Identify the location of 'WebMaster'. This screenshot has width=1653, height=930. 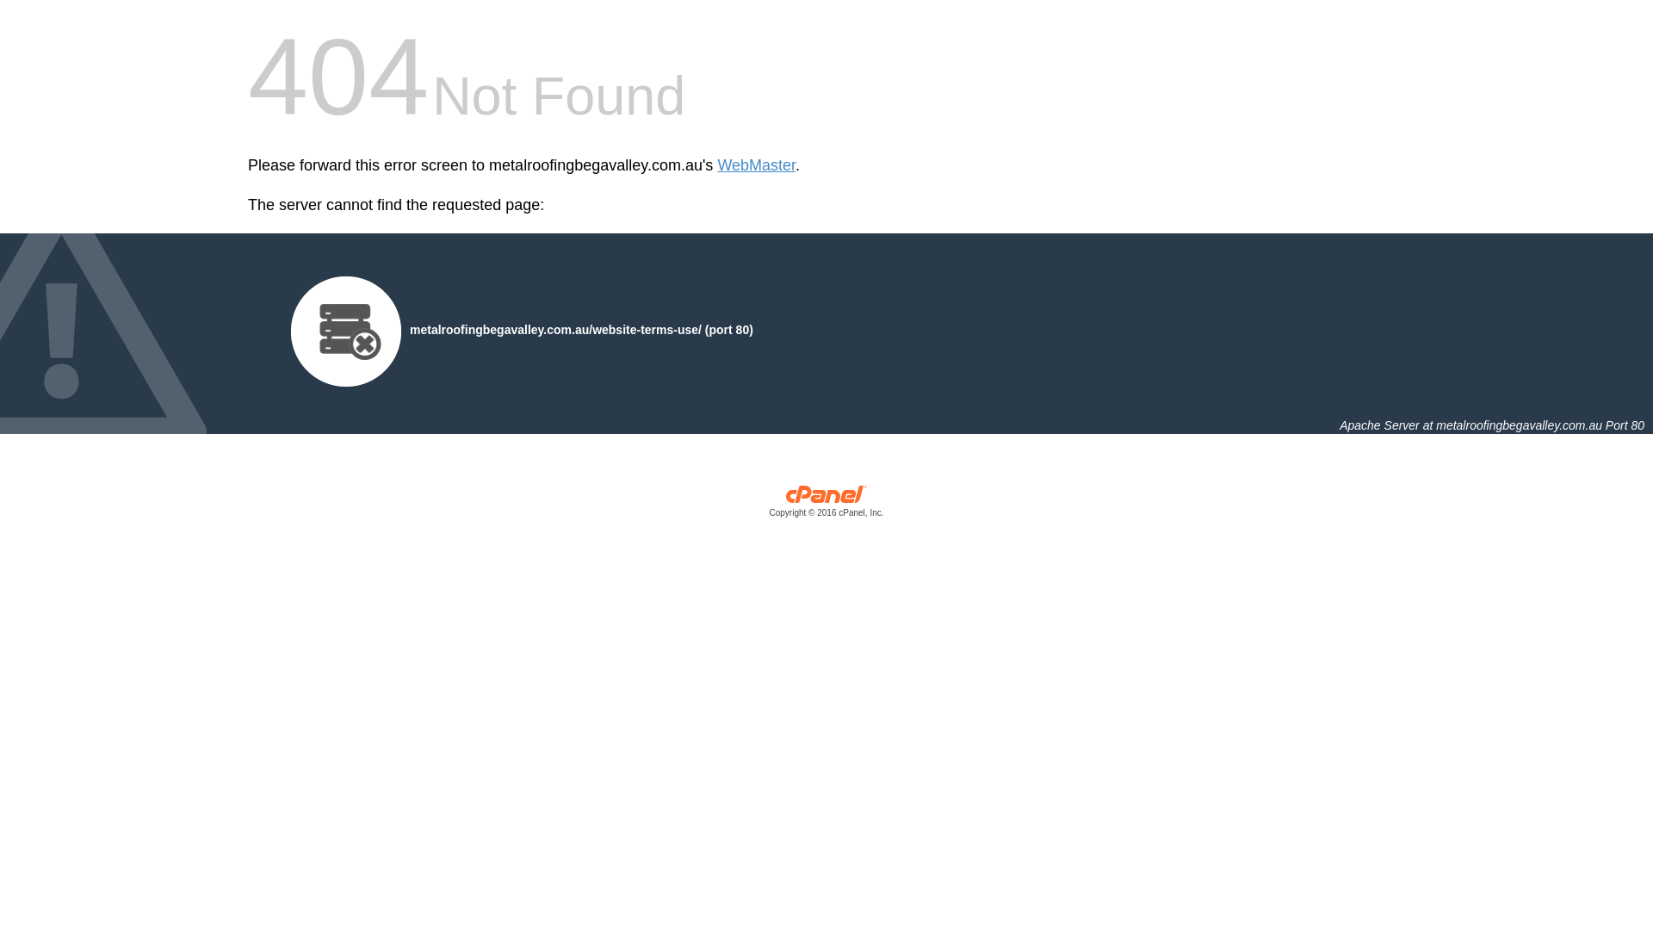
(756, 165).